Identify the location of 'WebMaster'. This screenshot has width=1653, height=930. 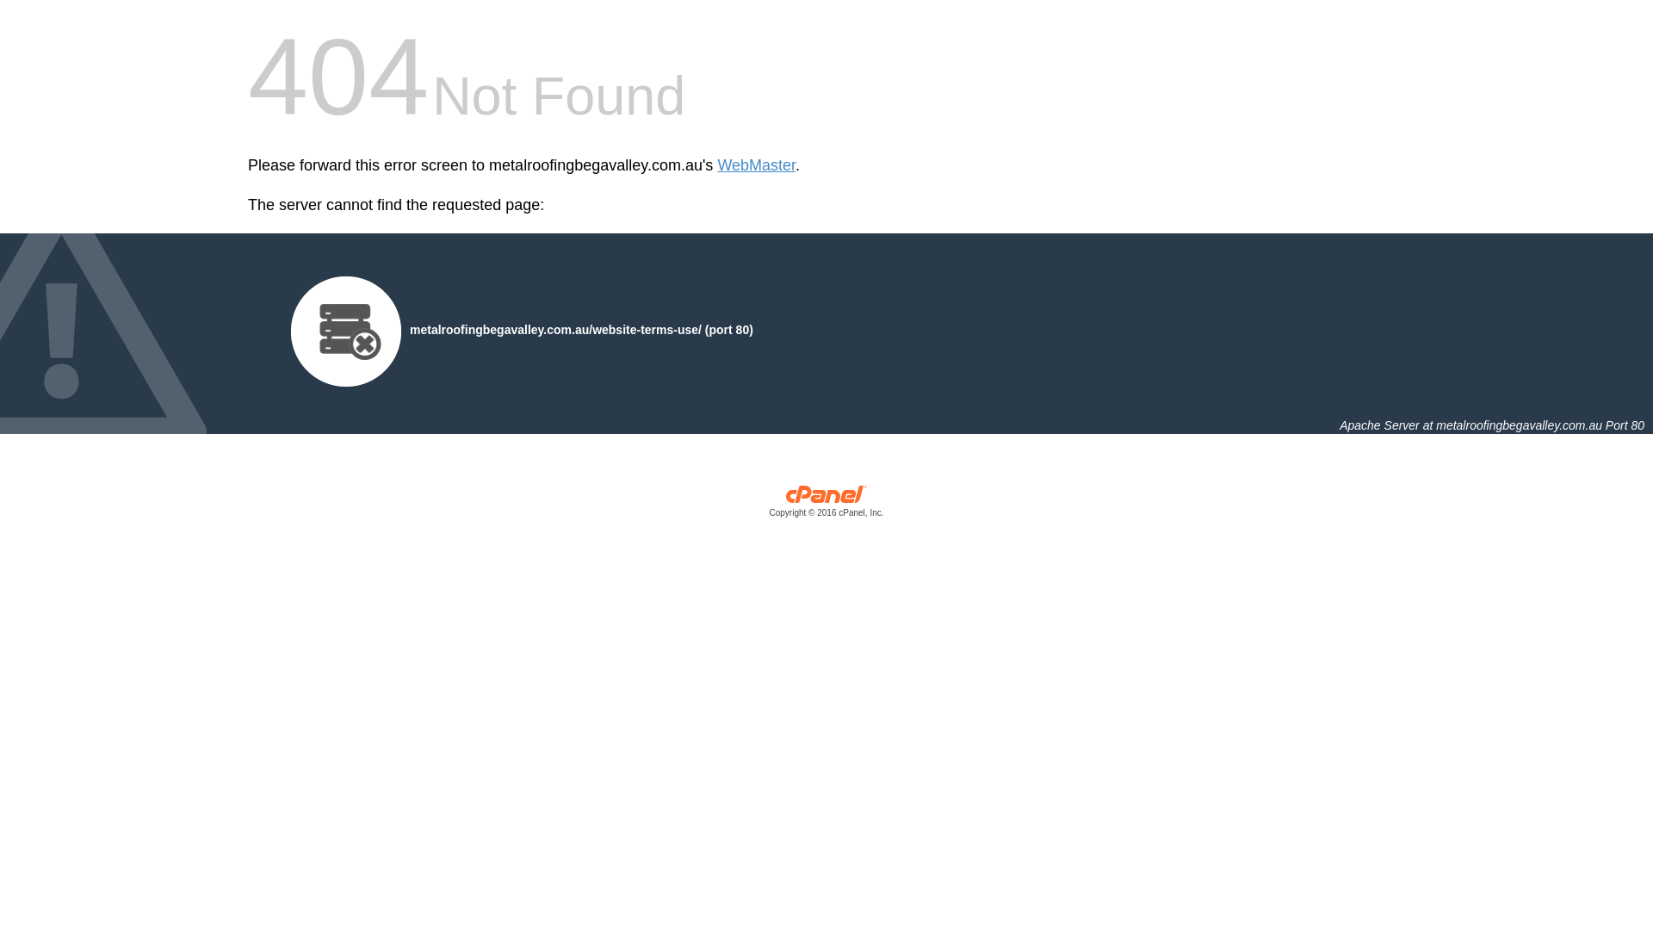
(756, 165).